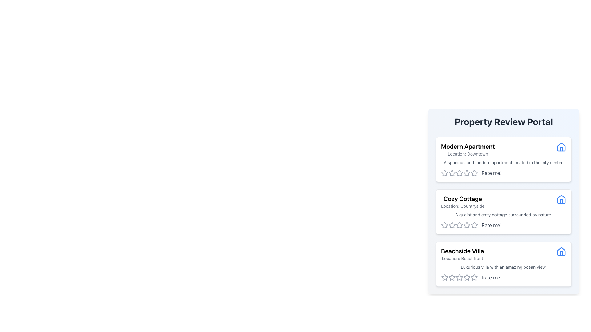  Describe the element at coordinates (468, 149) in the screenshot. I see `text block that identifies the property as 'Modern Apartment' located in 'Downtown', positioned in the upper-left corner of the property card` at that location.